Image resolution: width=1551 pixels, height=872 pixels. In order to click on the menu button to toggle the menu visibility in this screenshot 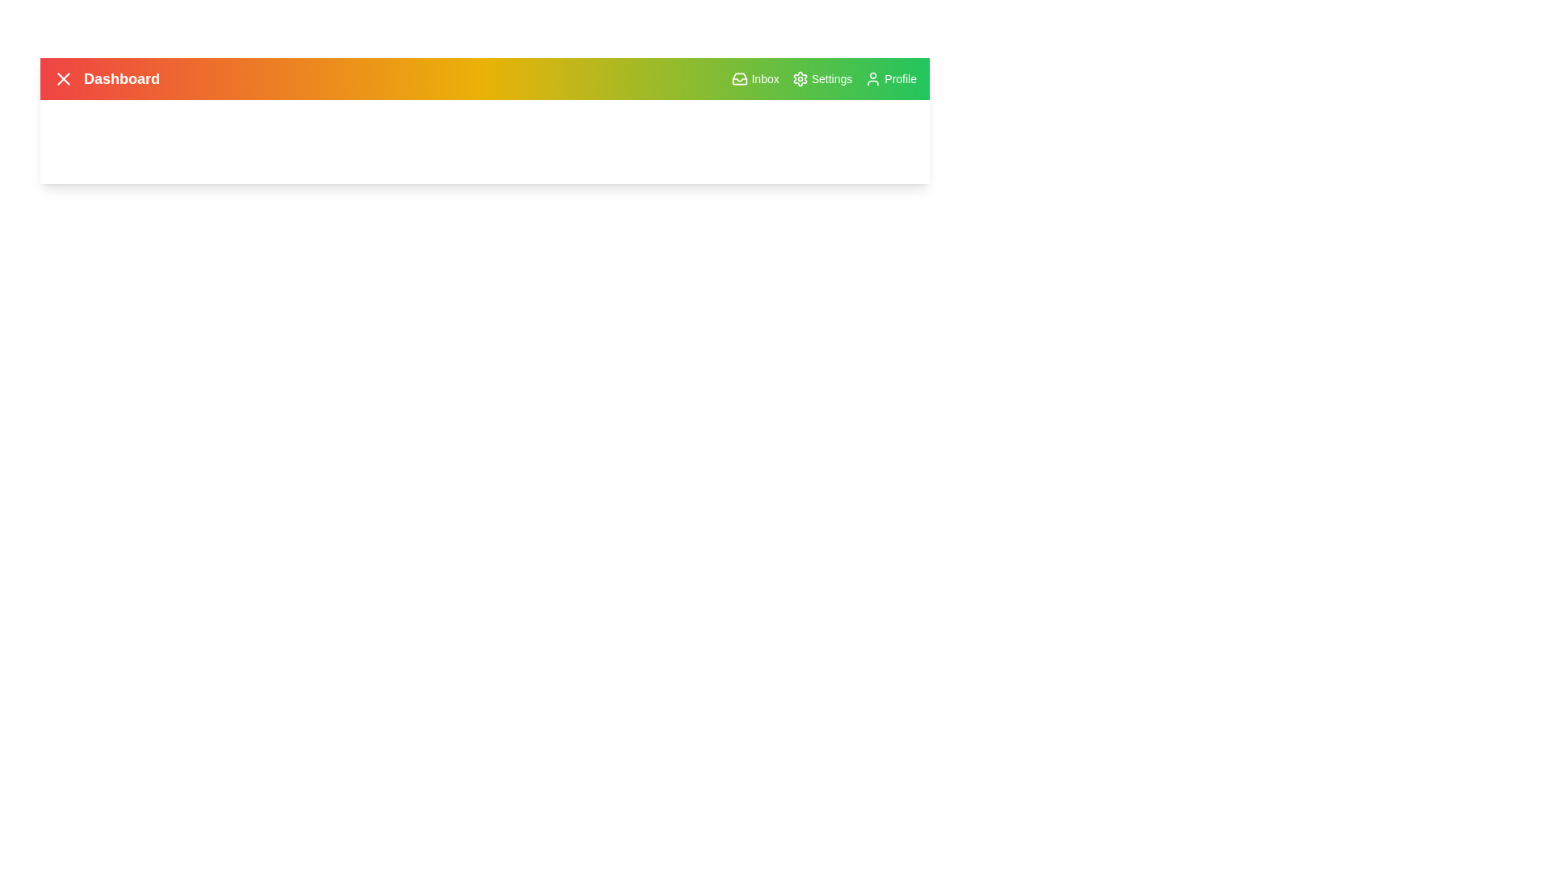, I will do `click(63, 78)`.